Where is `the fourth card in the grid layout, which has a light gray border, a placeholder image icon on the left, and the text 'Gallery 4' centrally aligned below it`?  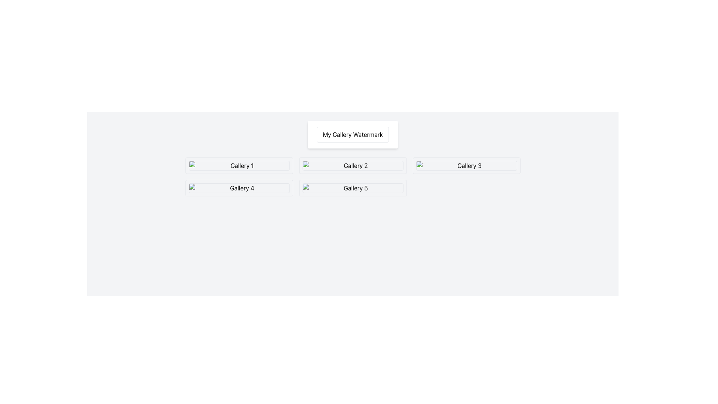 the fourth card in the grid layout, which has a light gray border, a placeholder image icon on the left, and the text 'Gallery 4' centrally aligned below it is located at coordinates (239, 187).